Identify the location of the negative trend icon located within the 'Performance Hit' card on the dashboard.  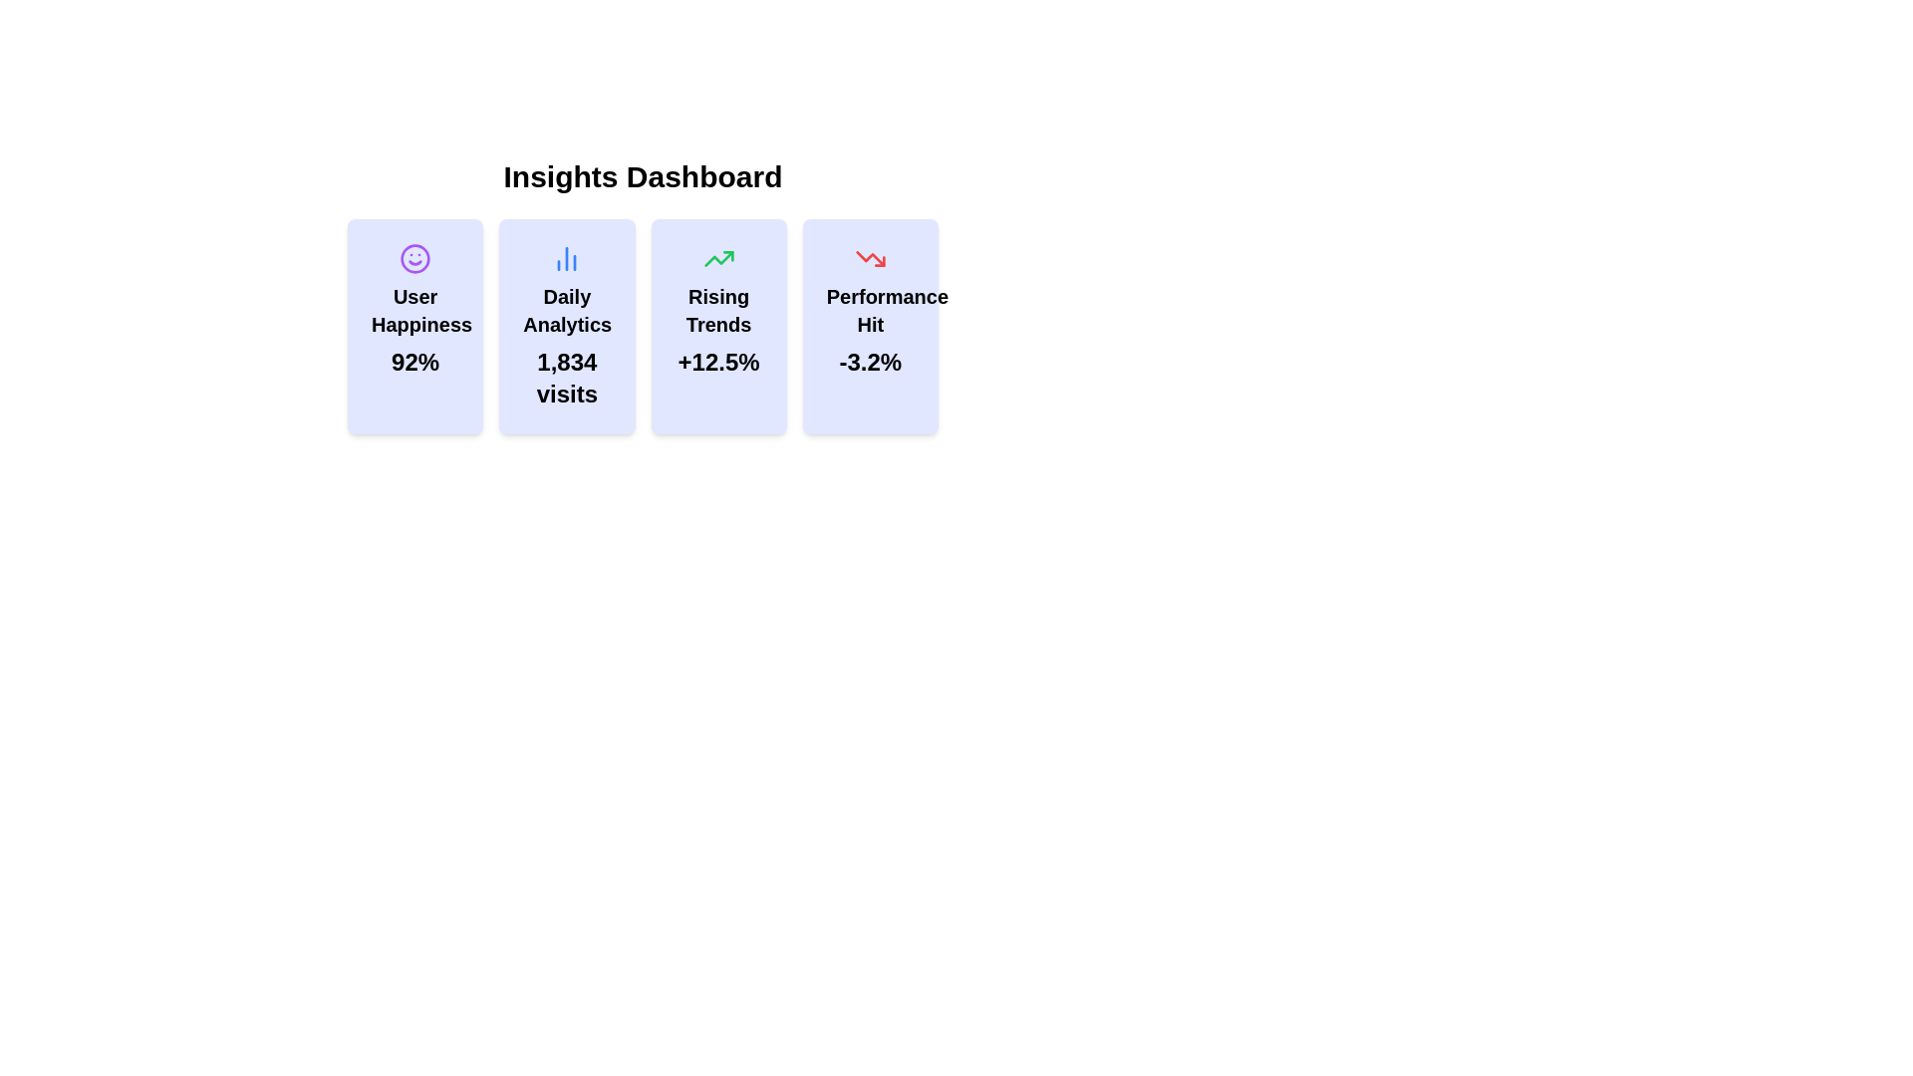
(870, 257).